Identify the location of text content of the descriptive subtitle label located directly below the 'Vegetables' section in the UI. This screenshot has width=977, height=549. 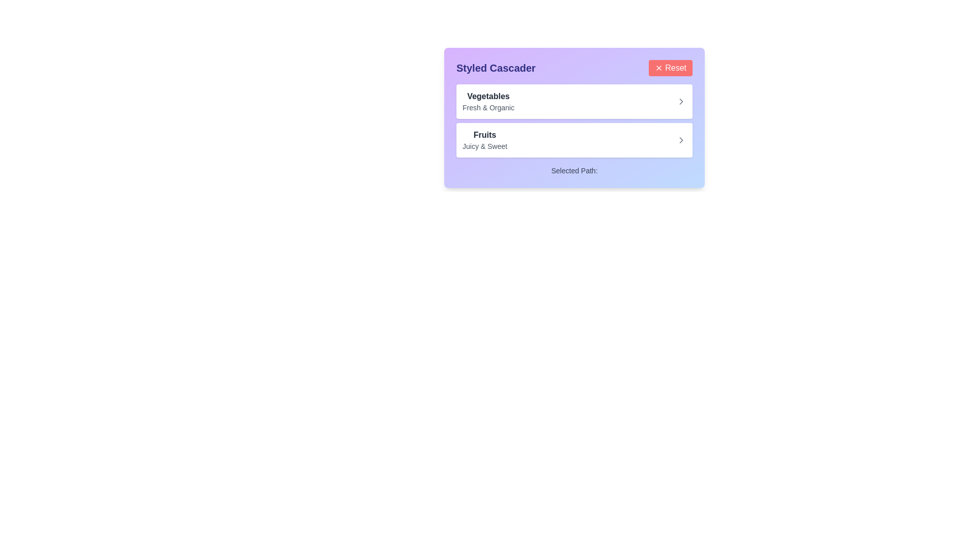
(489, 108).